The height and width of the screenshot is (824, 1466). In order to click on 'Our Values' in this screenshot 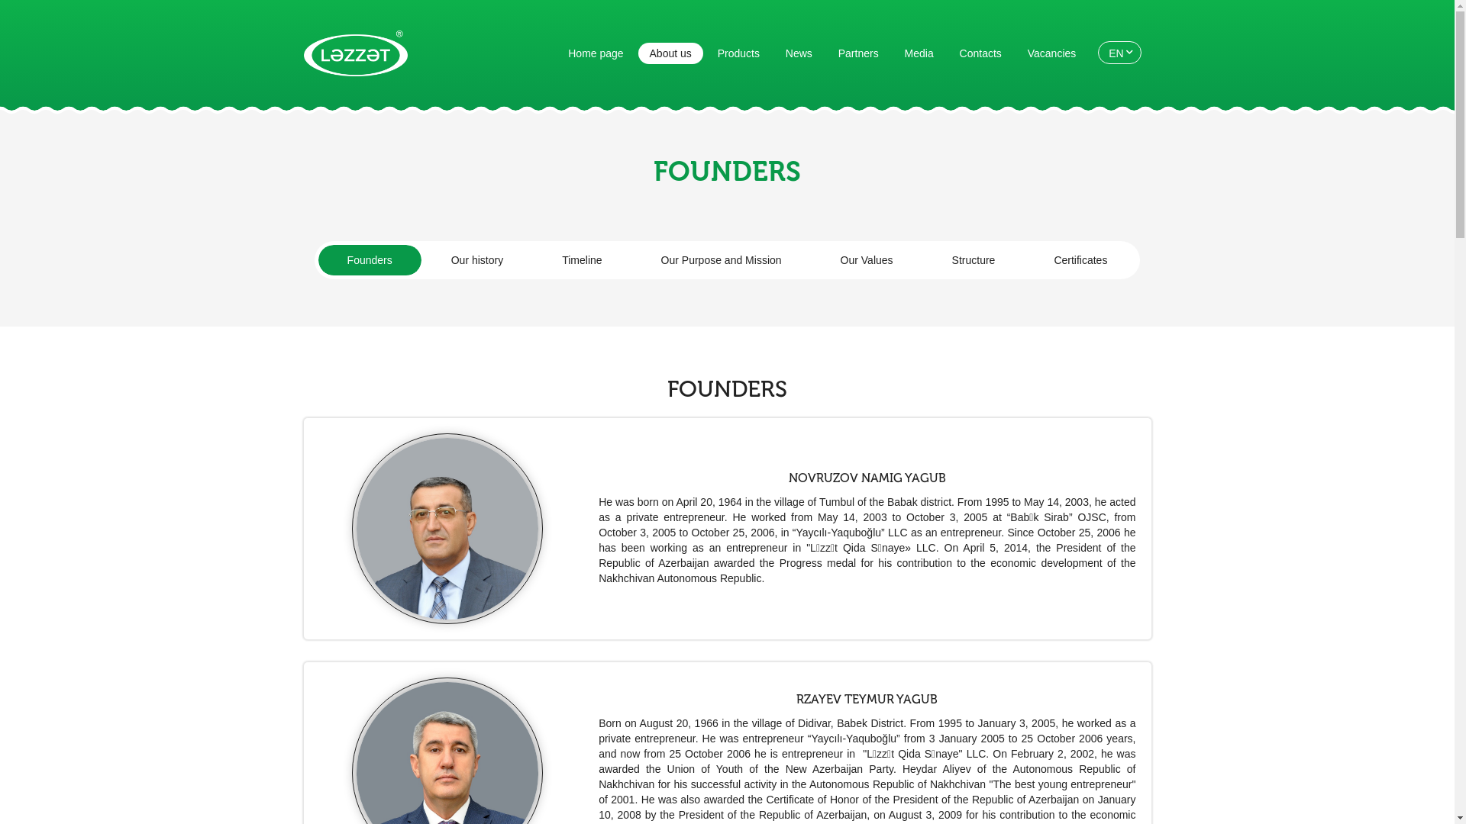, I will do `click(810, 259)`.